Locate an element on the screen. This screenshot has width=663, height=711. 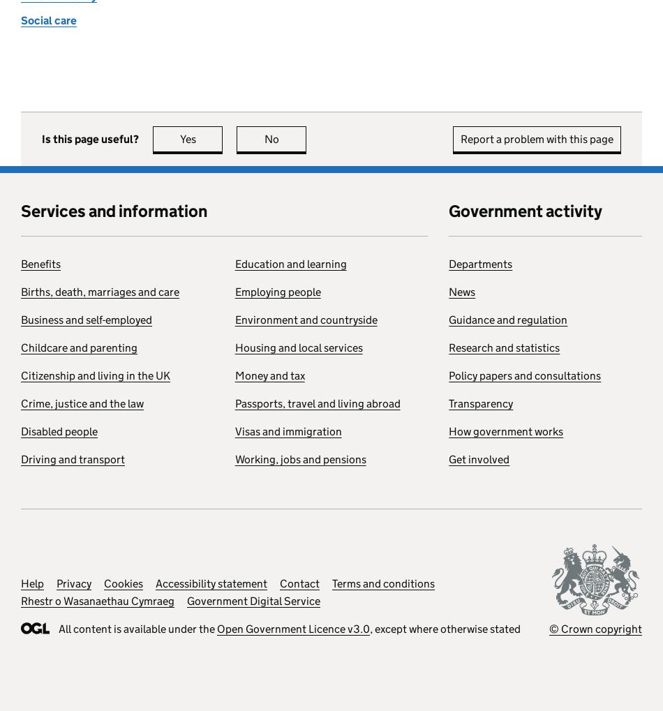
'Open Government Licence v3.0' is located at coordinates (292, 629).